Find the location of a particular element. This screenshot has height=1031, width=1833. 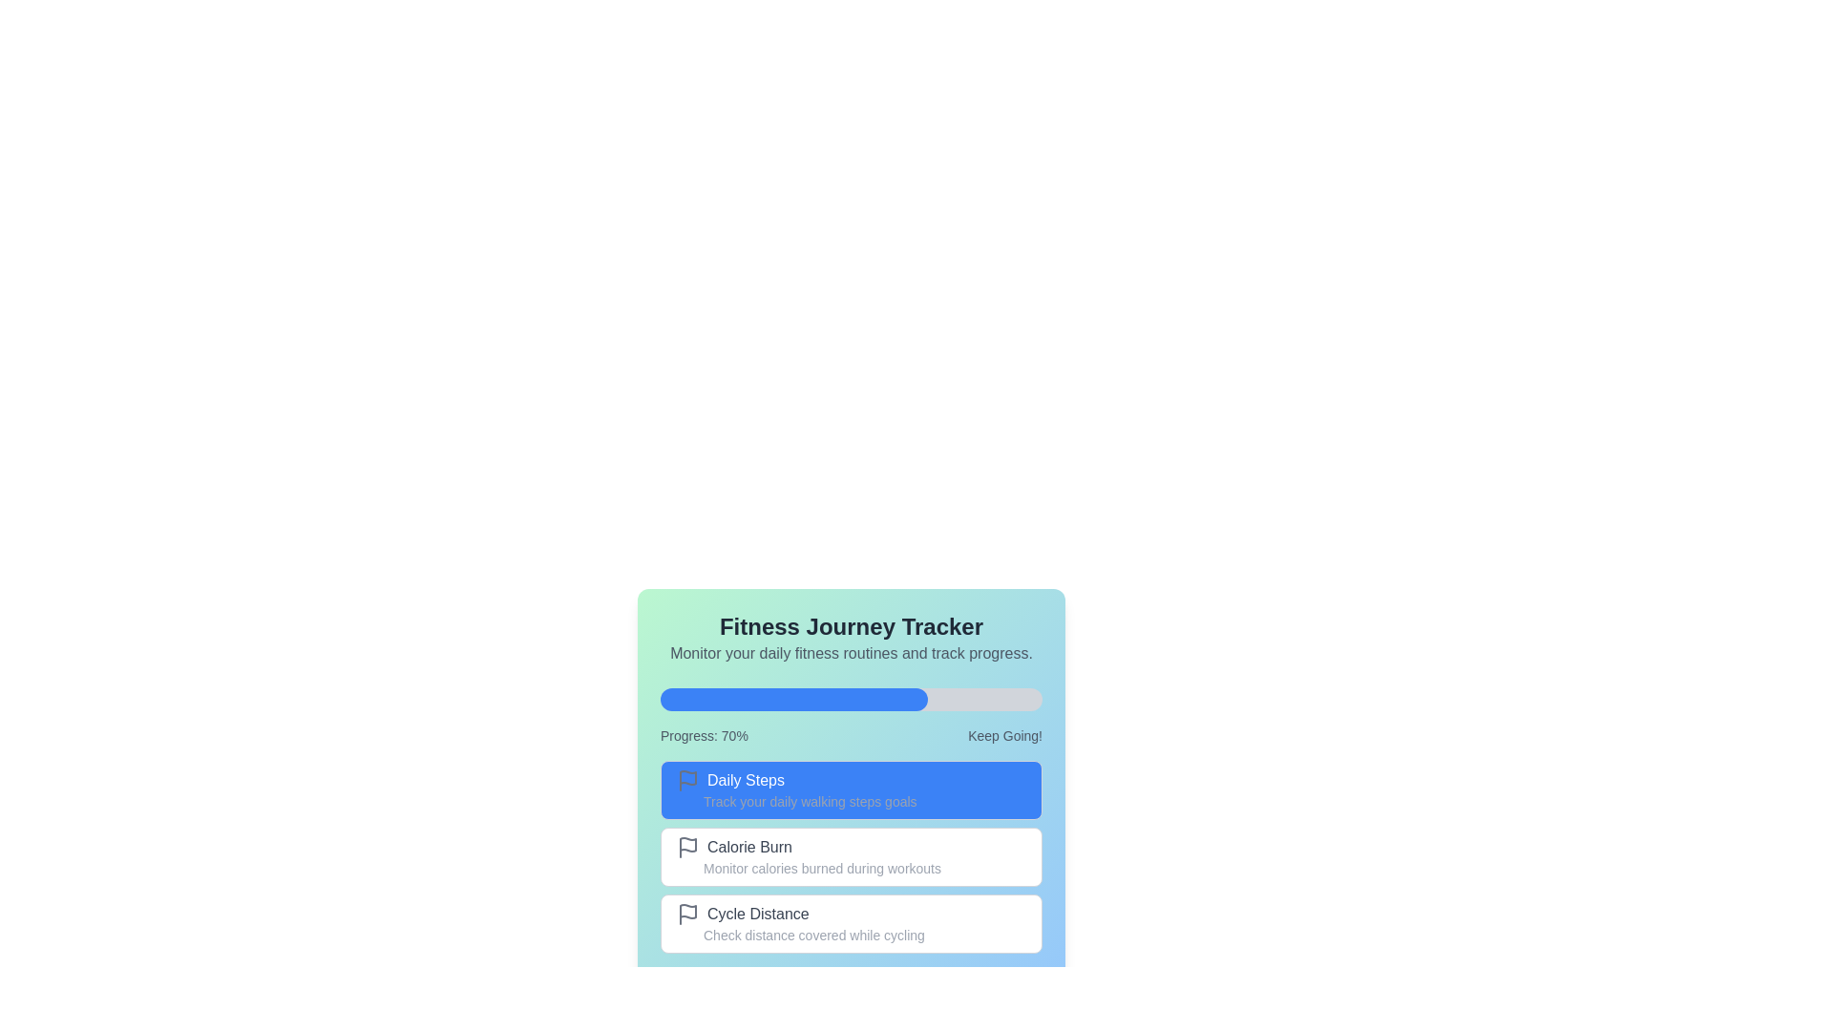

the Text Label indicating 'Daily Steps Track your daily walking steps goals' which is located within a blue-background box above the description and below the progress bar is located at coordinates (851, 780).